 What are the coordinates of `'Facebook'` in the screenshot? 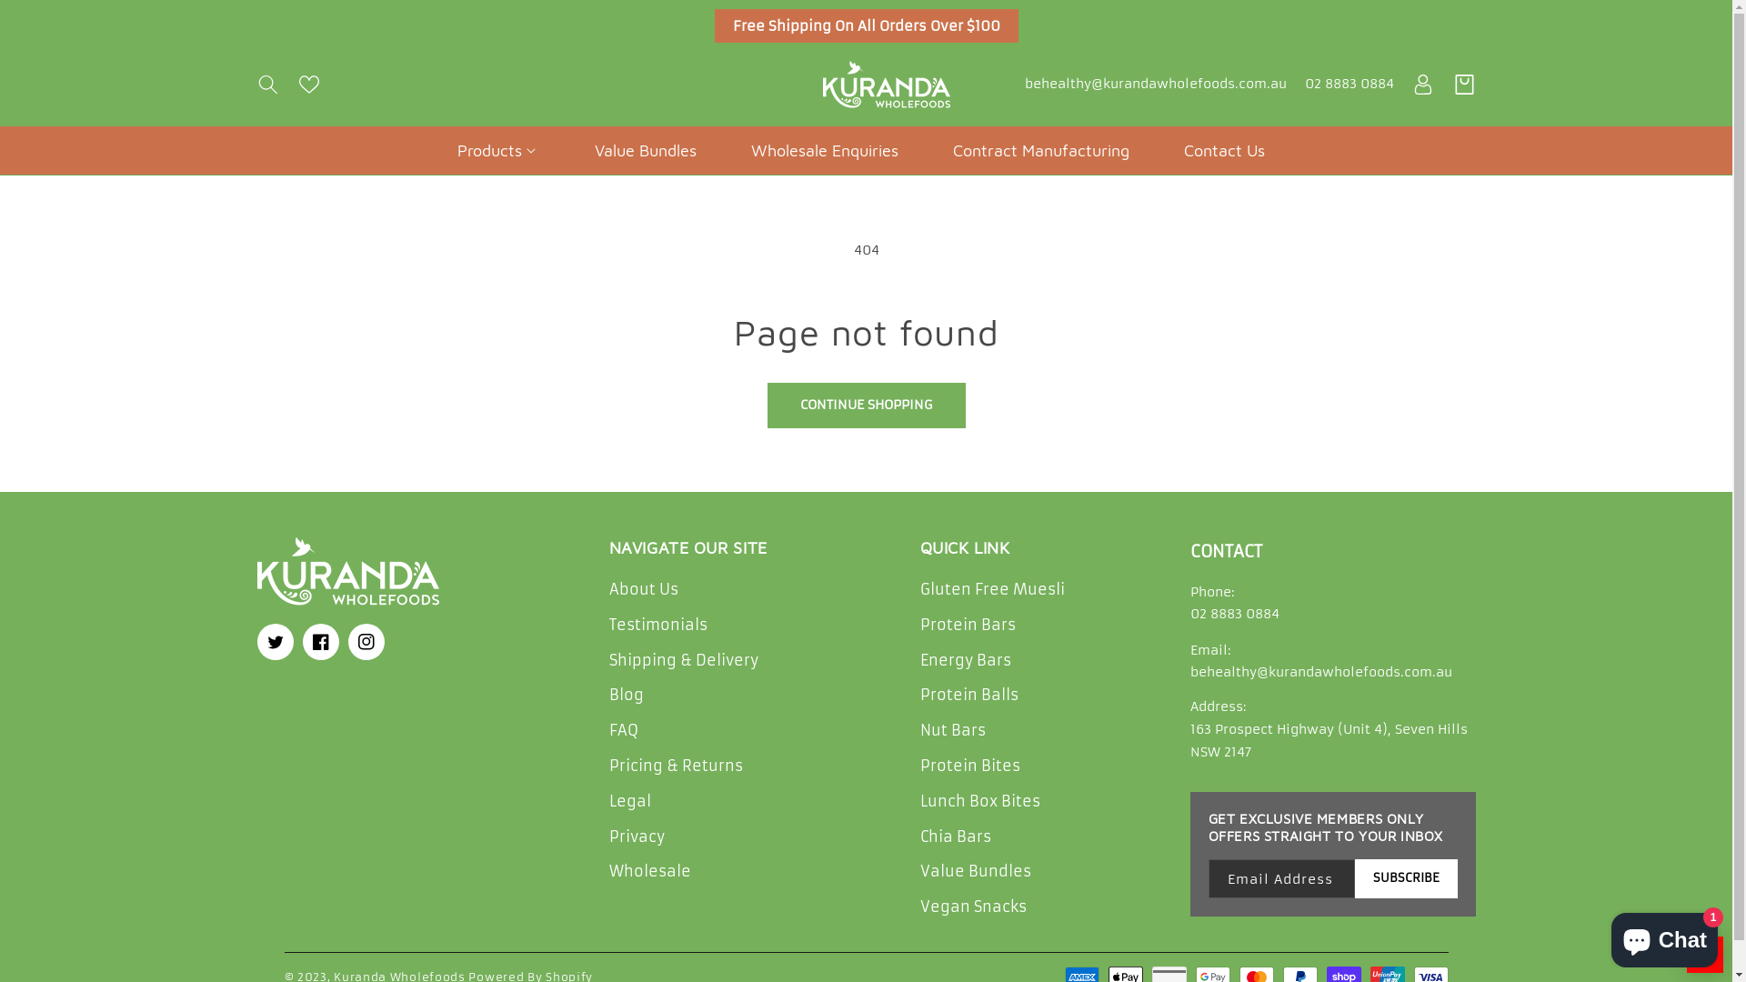 It's located at (319, 640).